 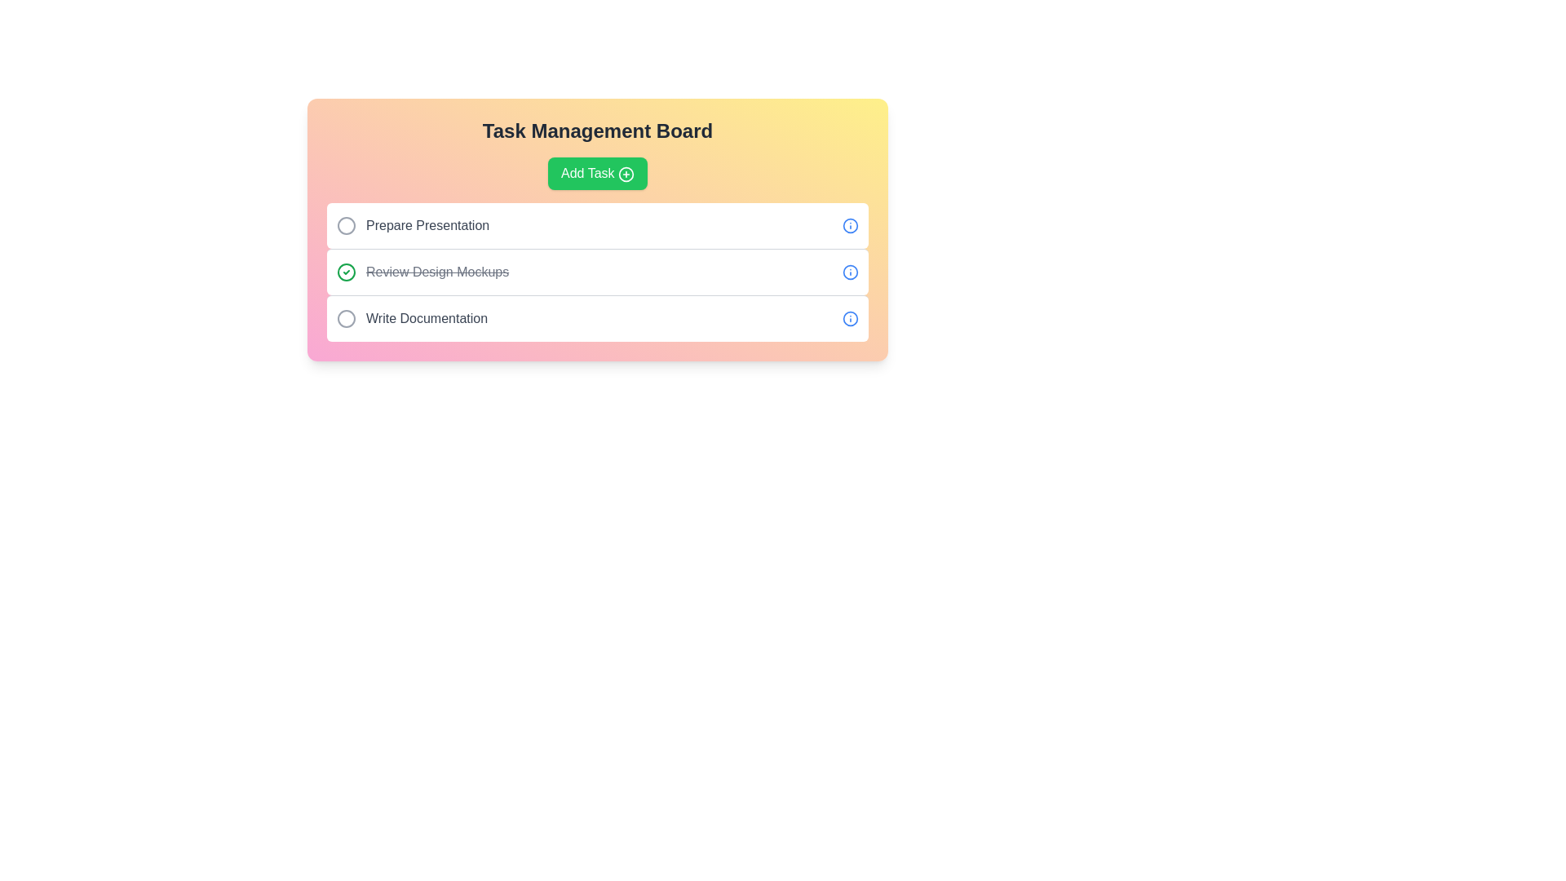 What do you see at coordinates (849, 272) in the screenshot?
I see `the 'Info' icon next to the task 'Review Design Mockups' to view its details` at bounding box center [849, 272].